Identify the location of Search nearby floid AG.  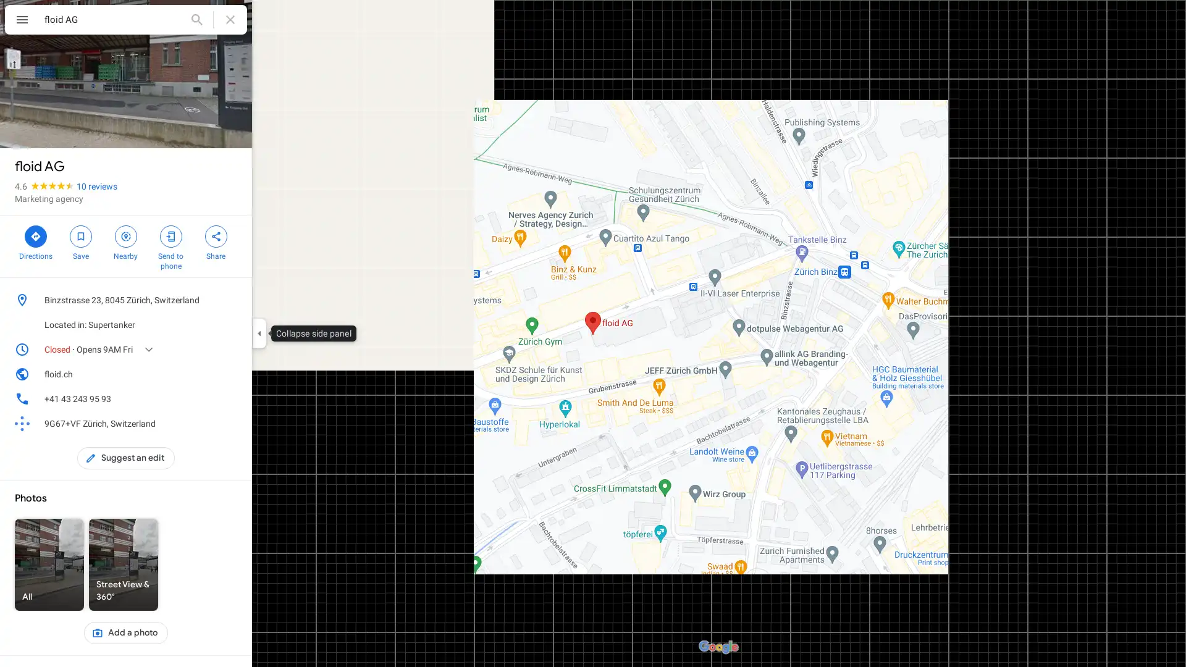
(125, 241).